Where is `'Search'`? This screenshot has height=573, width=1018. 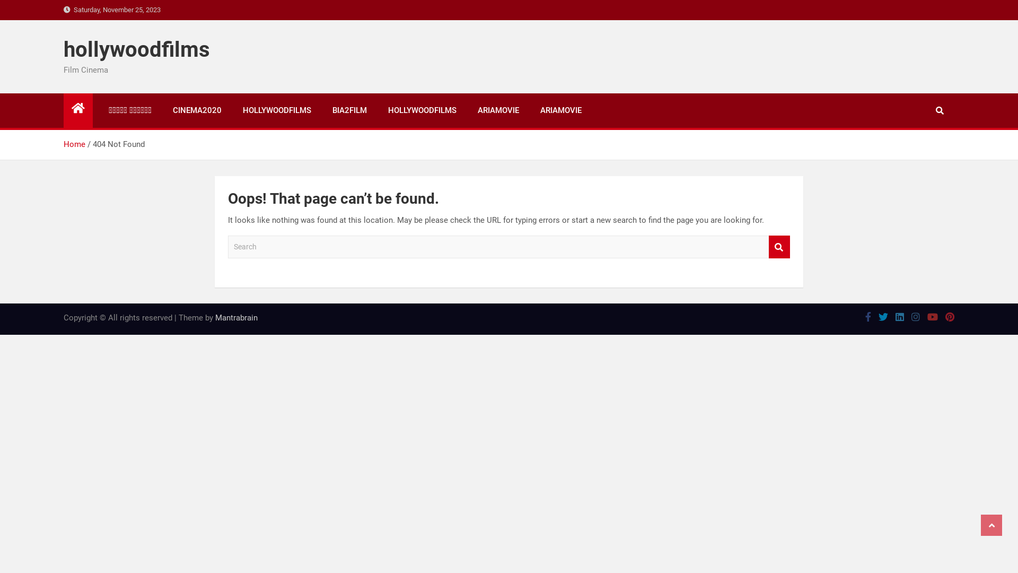
'Search' is located at coordinates (779, 247).